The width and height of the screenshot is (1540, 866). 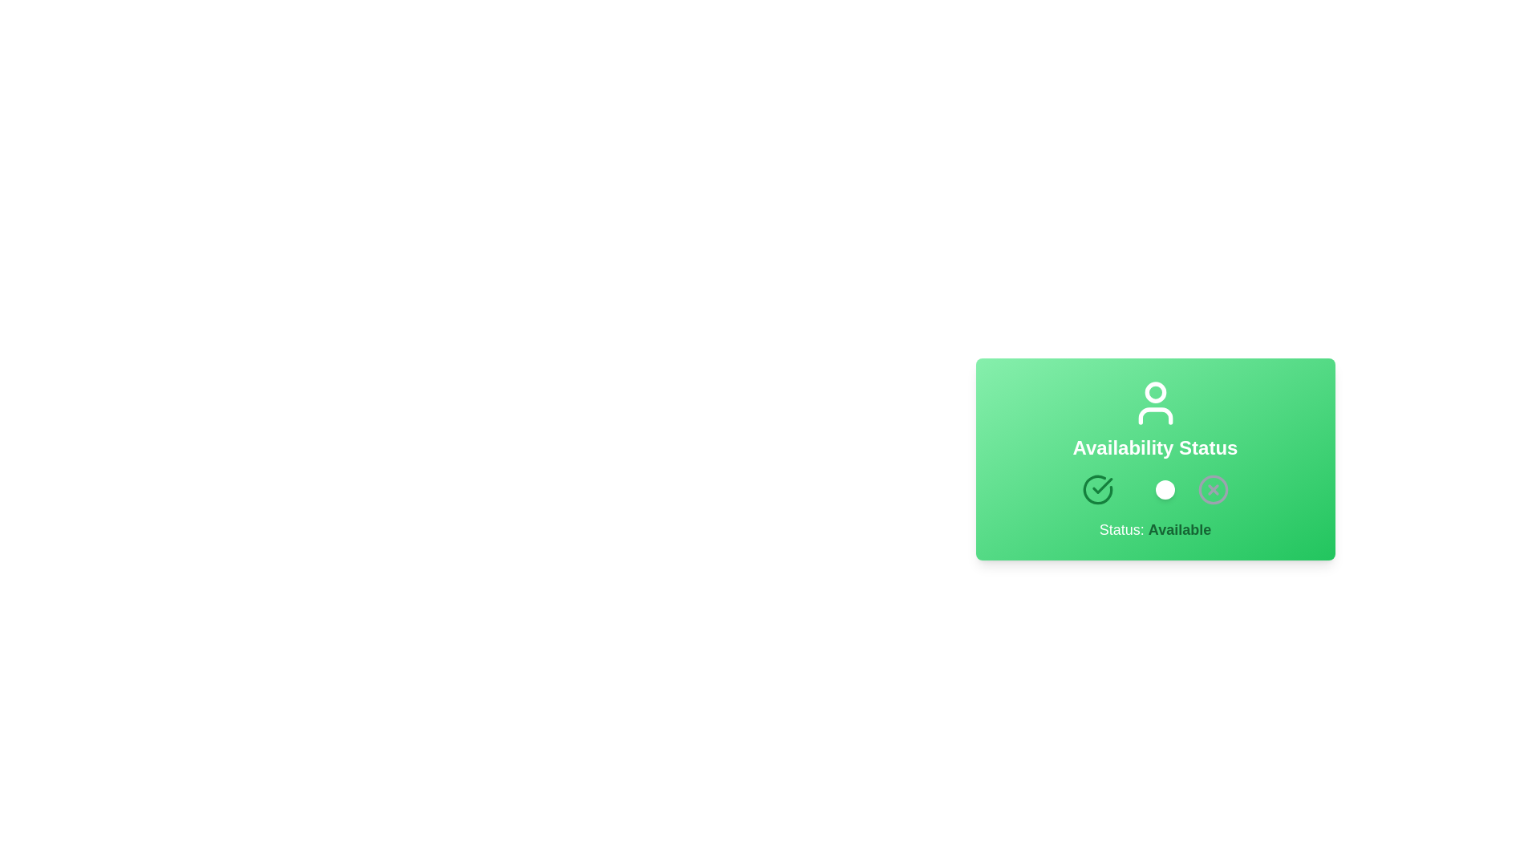 What do you see at coordinates (1155, 402) in the screenshot?
I see `the user availability status icon` at bounding box center [1155, 402].